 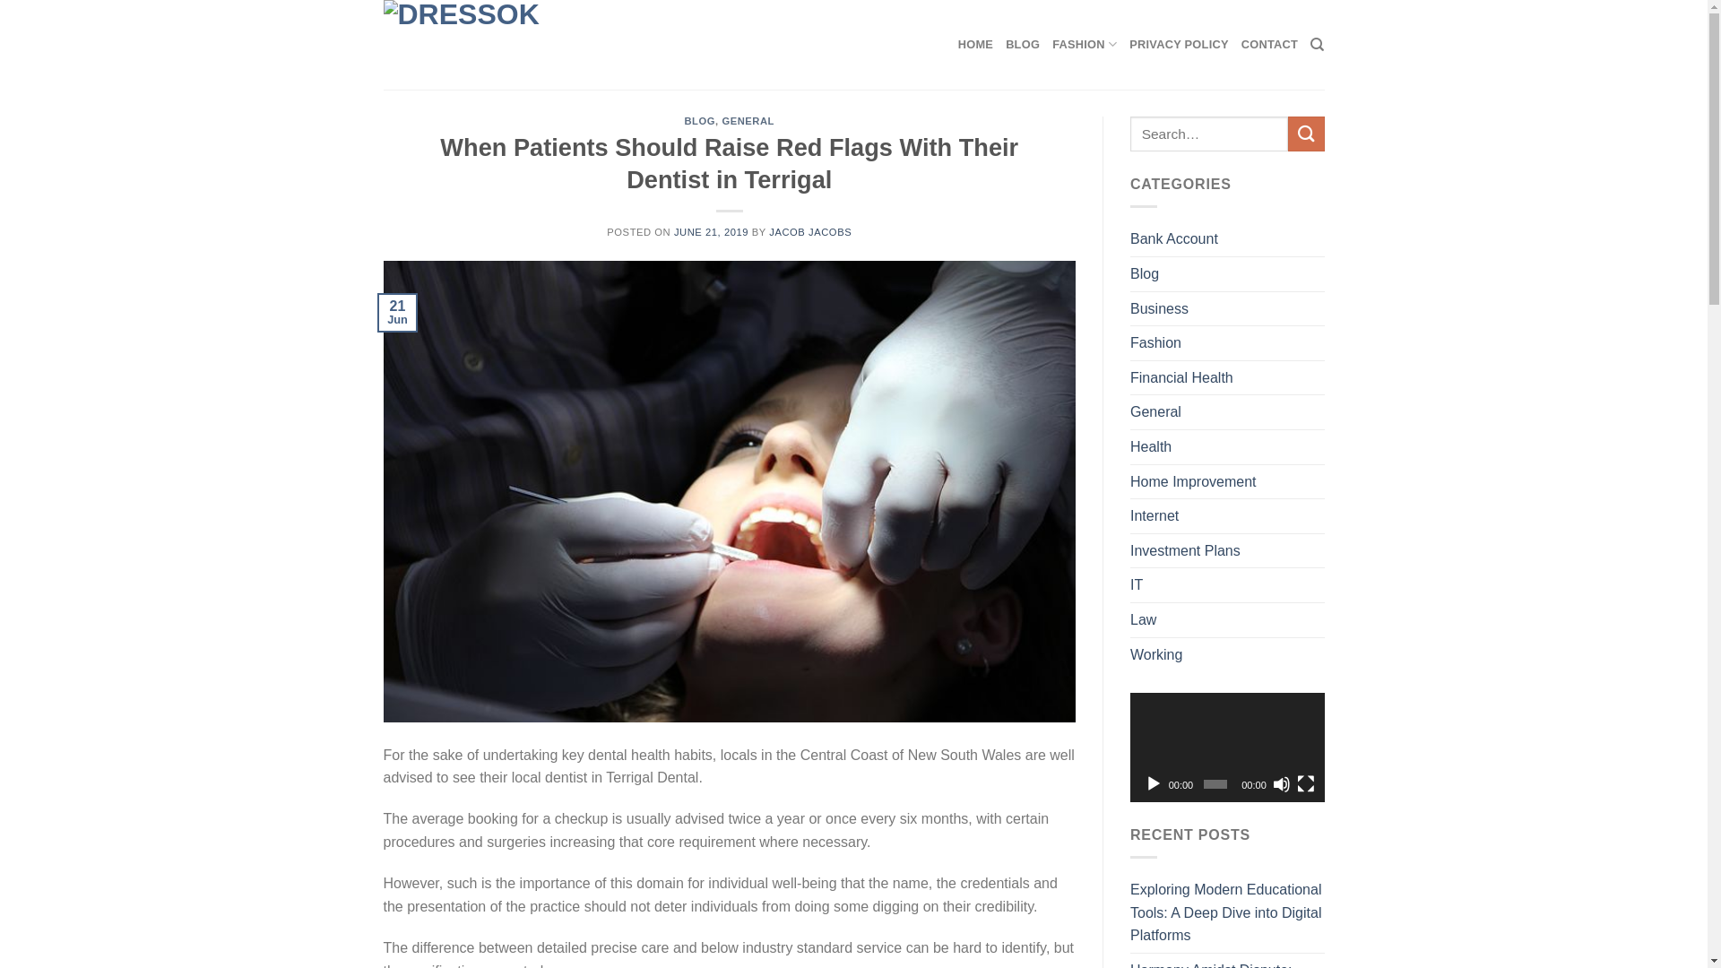 What do you see at coordinates (710, 230) in the screenshot?
I see `'JUNE 21, 2019'` at bounding box center [710, 230].